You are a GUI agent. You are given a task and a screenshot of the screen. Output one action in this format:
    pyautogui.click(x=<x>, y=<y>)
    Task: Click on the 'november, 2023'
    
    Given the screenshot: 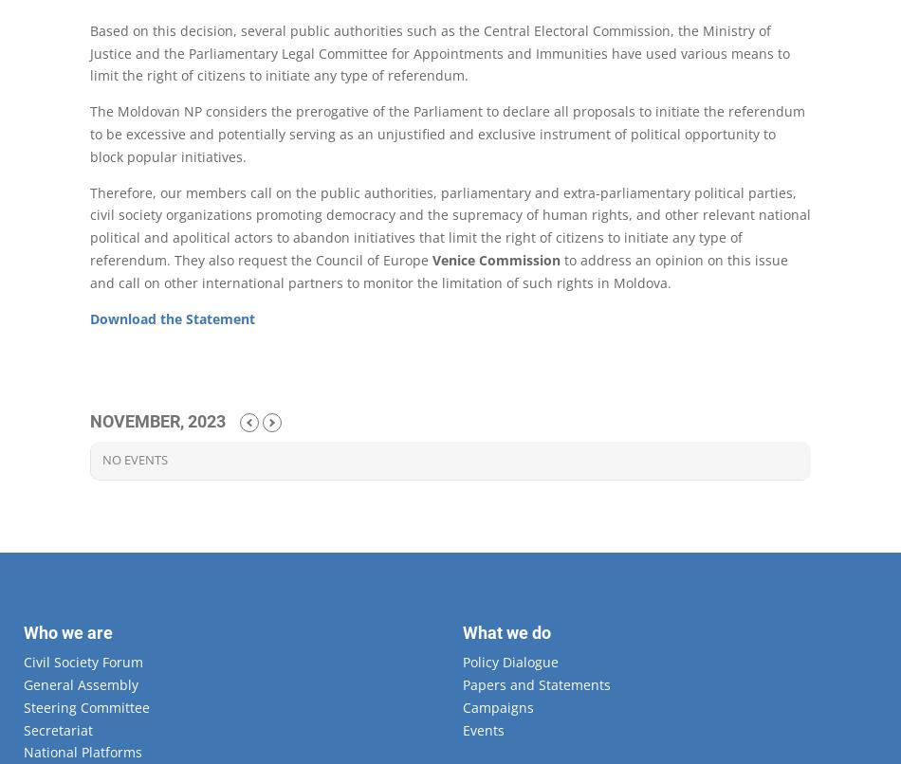 What is the action you would take?
    pyautogui.click(x=157, y=421)
    